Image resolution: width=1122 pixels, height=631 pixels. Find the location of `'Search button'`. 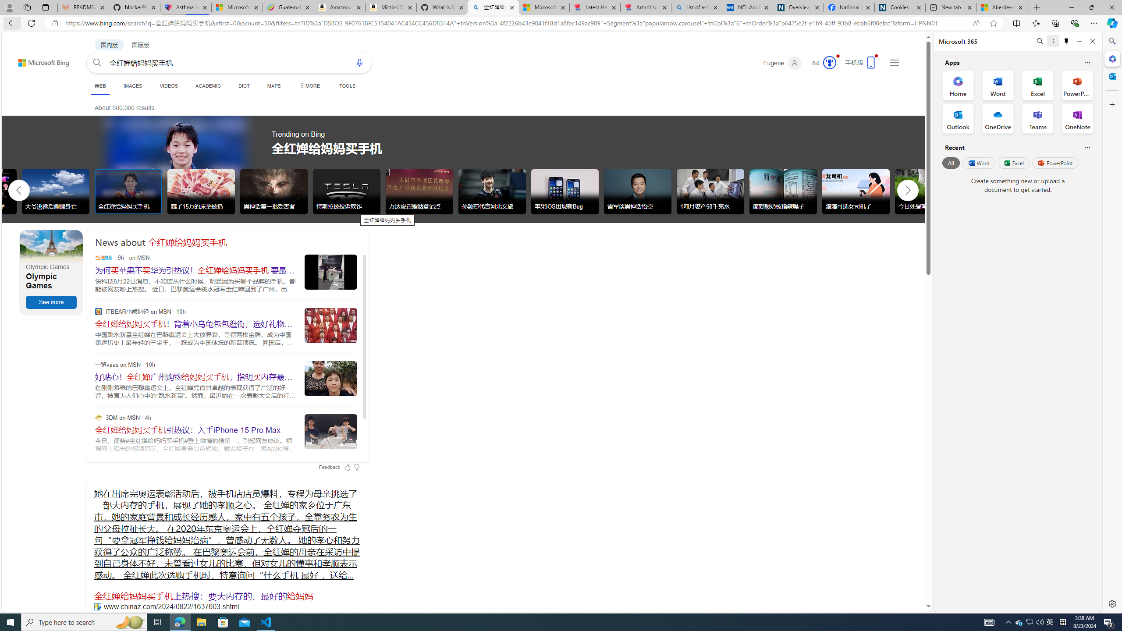

'Search button' is located at coordinates (97, 62).